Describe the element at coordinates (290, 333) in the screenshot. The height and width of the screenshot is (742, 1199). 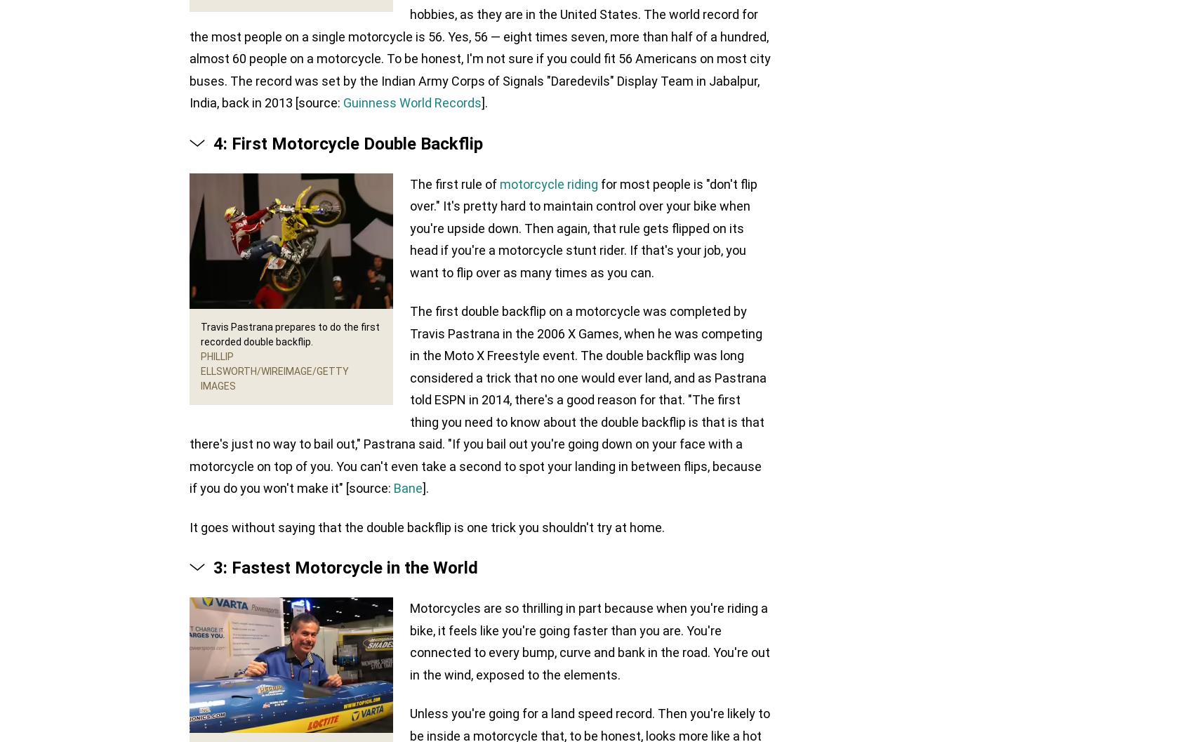
I see `'Travis Pastrana prepares to do the first recorded double backflip.'` at that location.